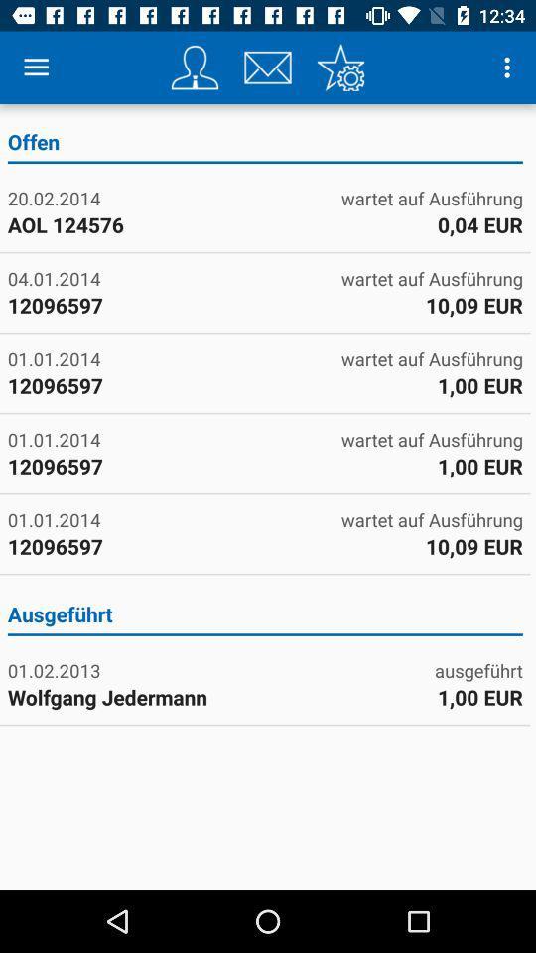 The height and width of the screenshot is (953, 536). Describe the element at coordinates (478, 224) in the screenshot. I see `icon to the right of 20.02.2014 icon` at that location.